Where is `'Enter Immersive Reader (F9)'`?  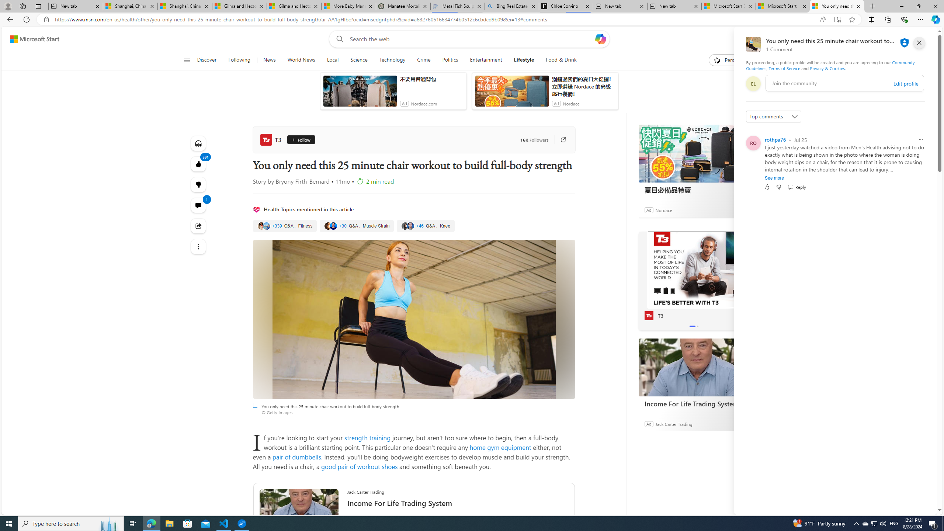
'Enter Immersive Reader (F9)' is located at coordinates (837, 20).